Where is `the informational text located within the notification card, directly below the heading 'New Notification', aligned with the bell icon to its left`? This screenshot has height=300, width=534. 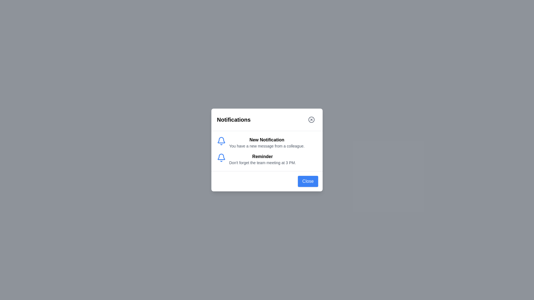
the informational text located within the notification card, directly below the heading 'New Notification', aligned with the bell icon to its left is located at coordinates (266, 146).